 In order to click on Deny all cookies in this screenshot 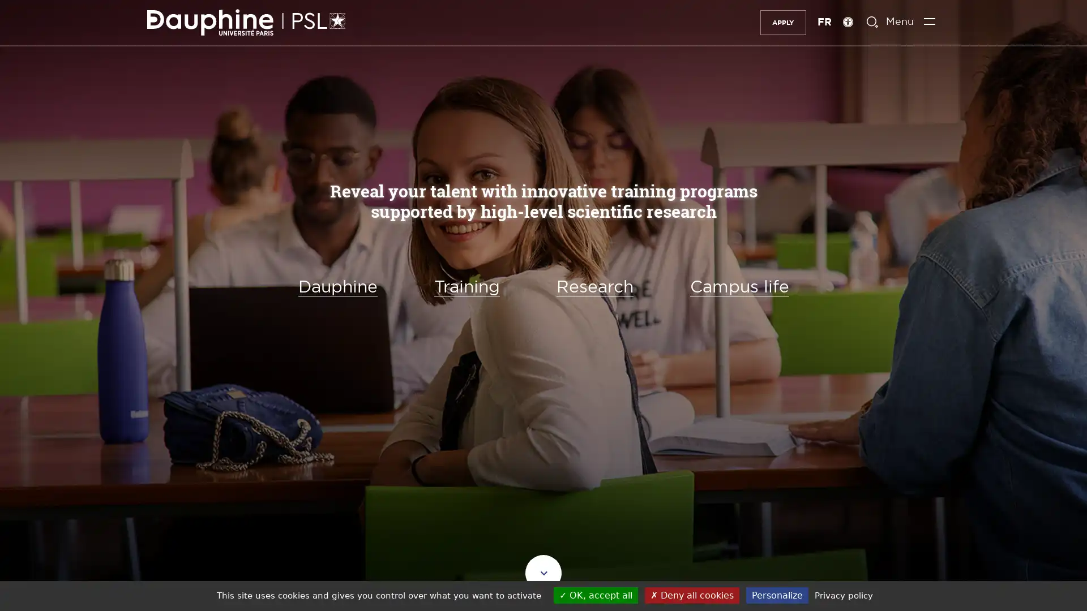, I will do `click(691, 595)`.